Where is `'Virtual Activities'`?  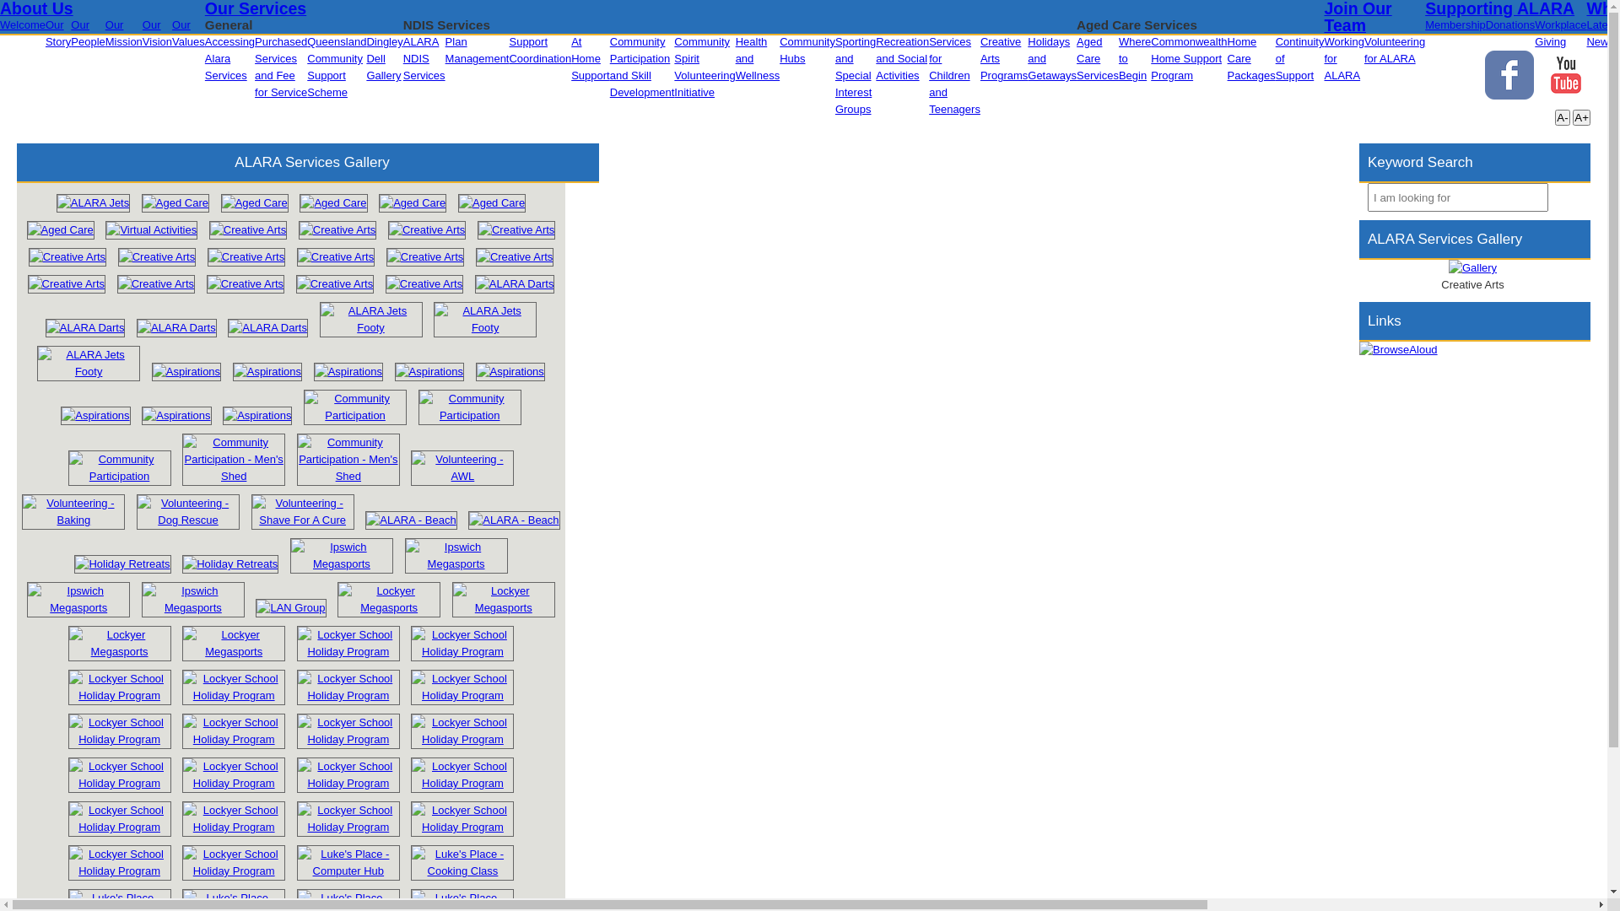 'Virtual Activities' is located at coordinates (151, 229).